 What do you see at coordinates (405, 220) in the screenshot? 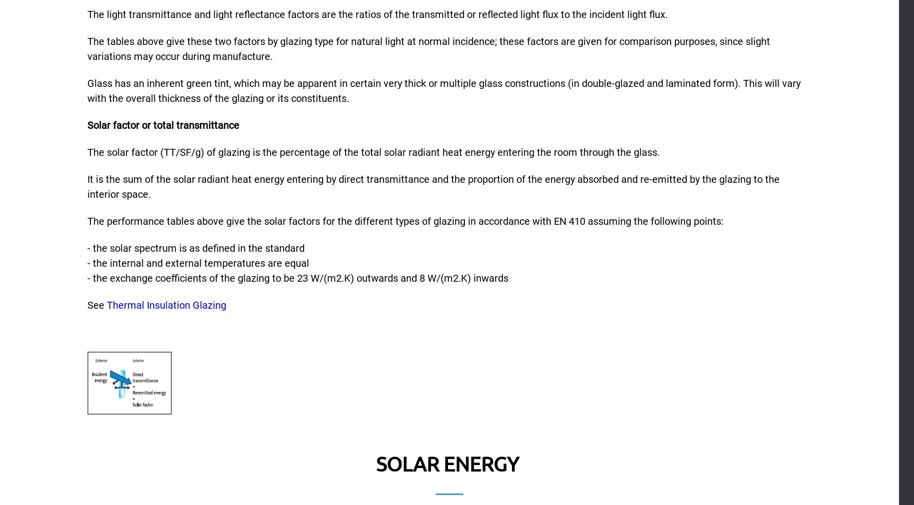
I see `'The performance tables above give the solar factors for the different types of glazing in accordance with EN 410 assuming the following points:'` at bounding box center [405, 220].